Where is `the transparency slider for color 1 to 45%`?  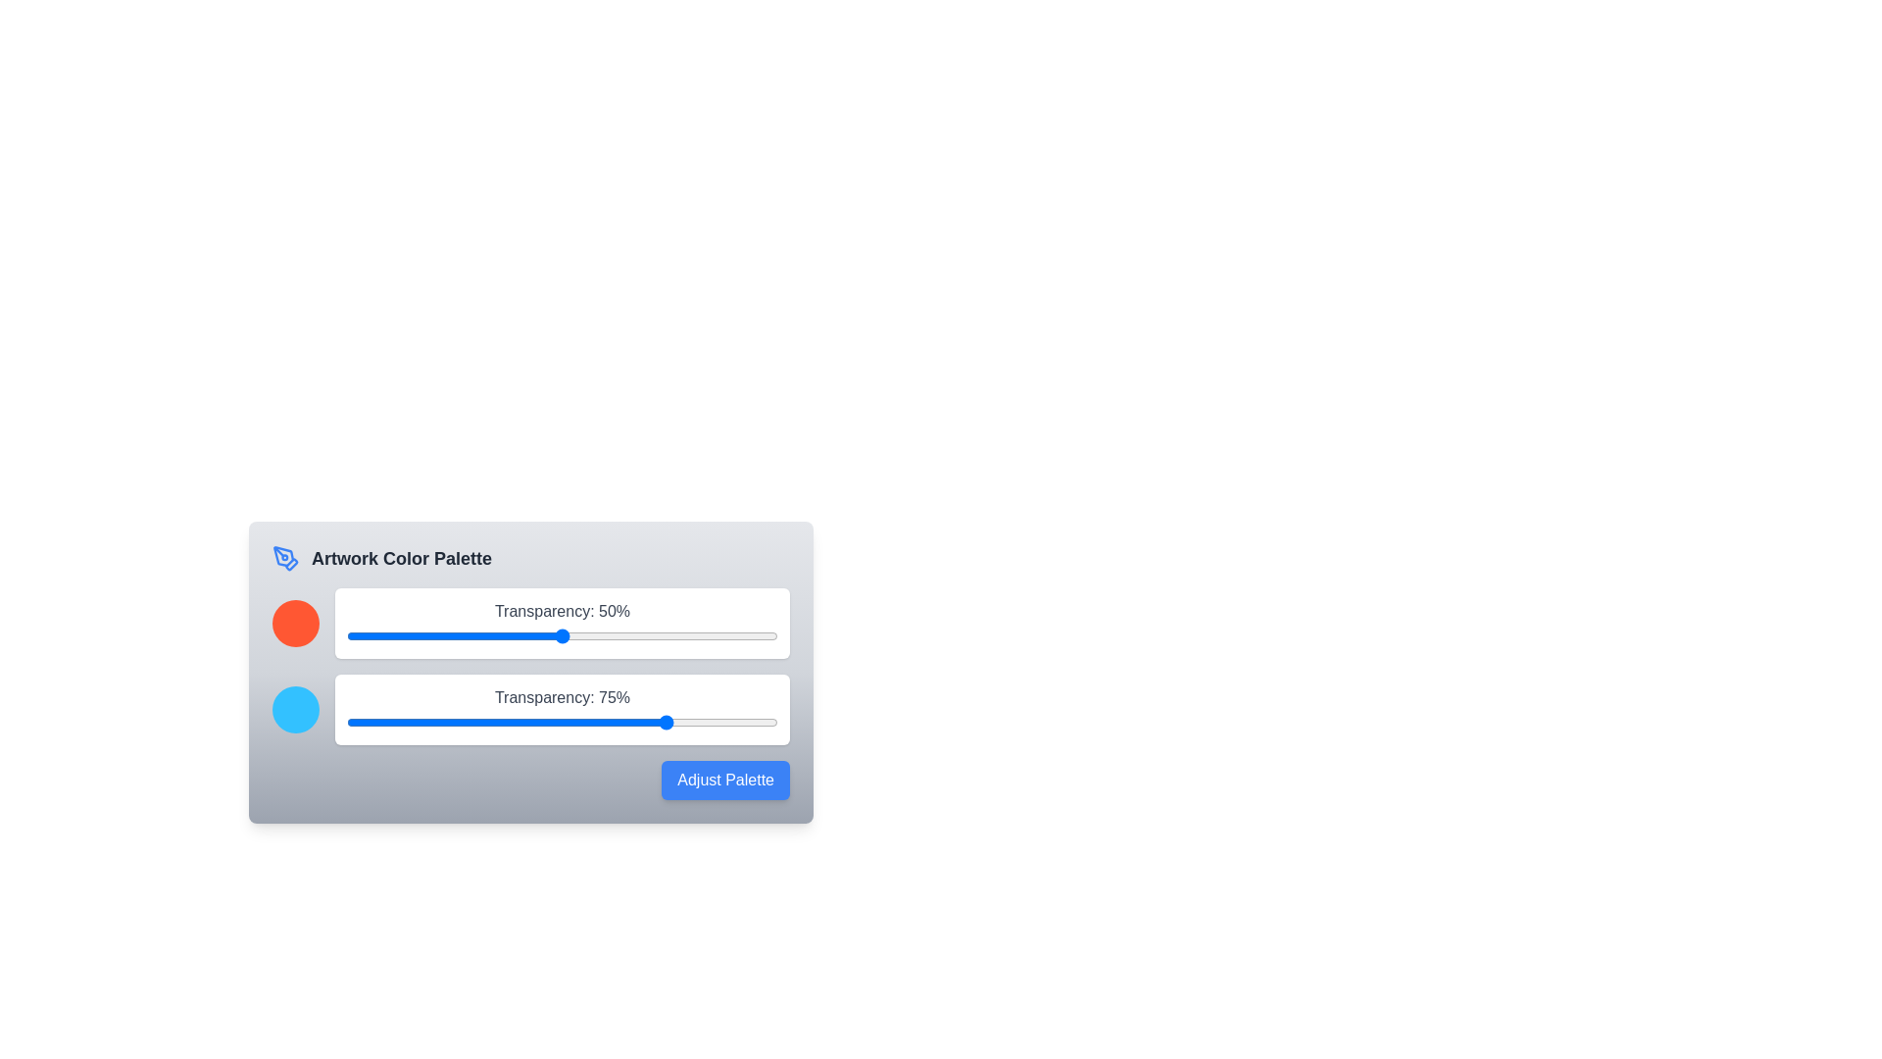 the transparency slider for color 1 to 45% is located at coordinates (541, 635).